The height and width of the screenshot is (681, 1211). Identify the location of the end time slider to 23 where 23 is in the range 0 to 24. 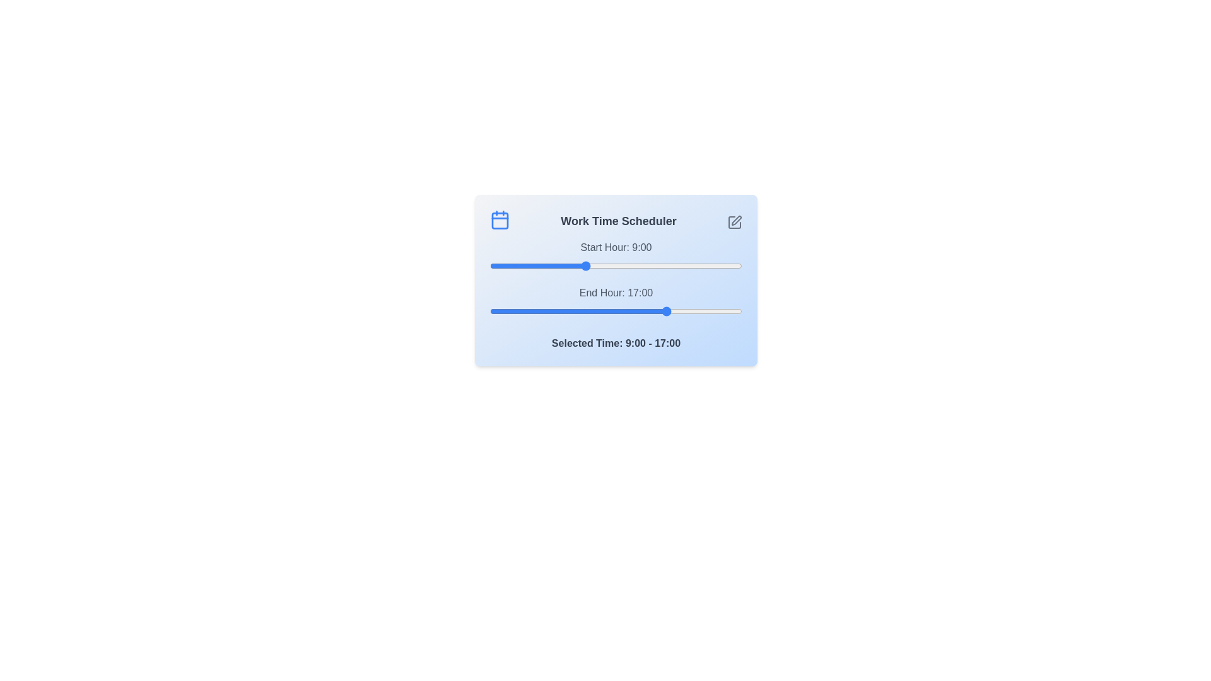
(732, 311).